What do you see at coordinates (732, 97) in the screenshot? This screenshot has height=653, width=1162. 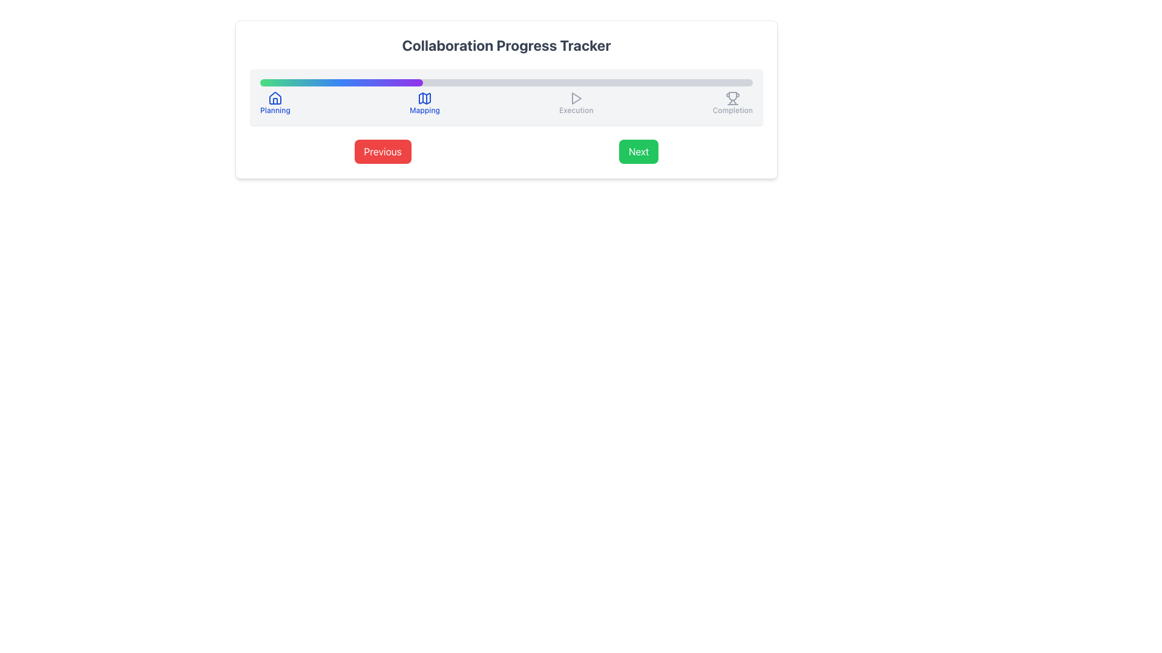 I see `the trophy icon located above the text 'Completion', which is positioned at the far right of the progression bar interface` at bounding box center [732, 97].